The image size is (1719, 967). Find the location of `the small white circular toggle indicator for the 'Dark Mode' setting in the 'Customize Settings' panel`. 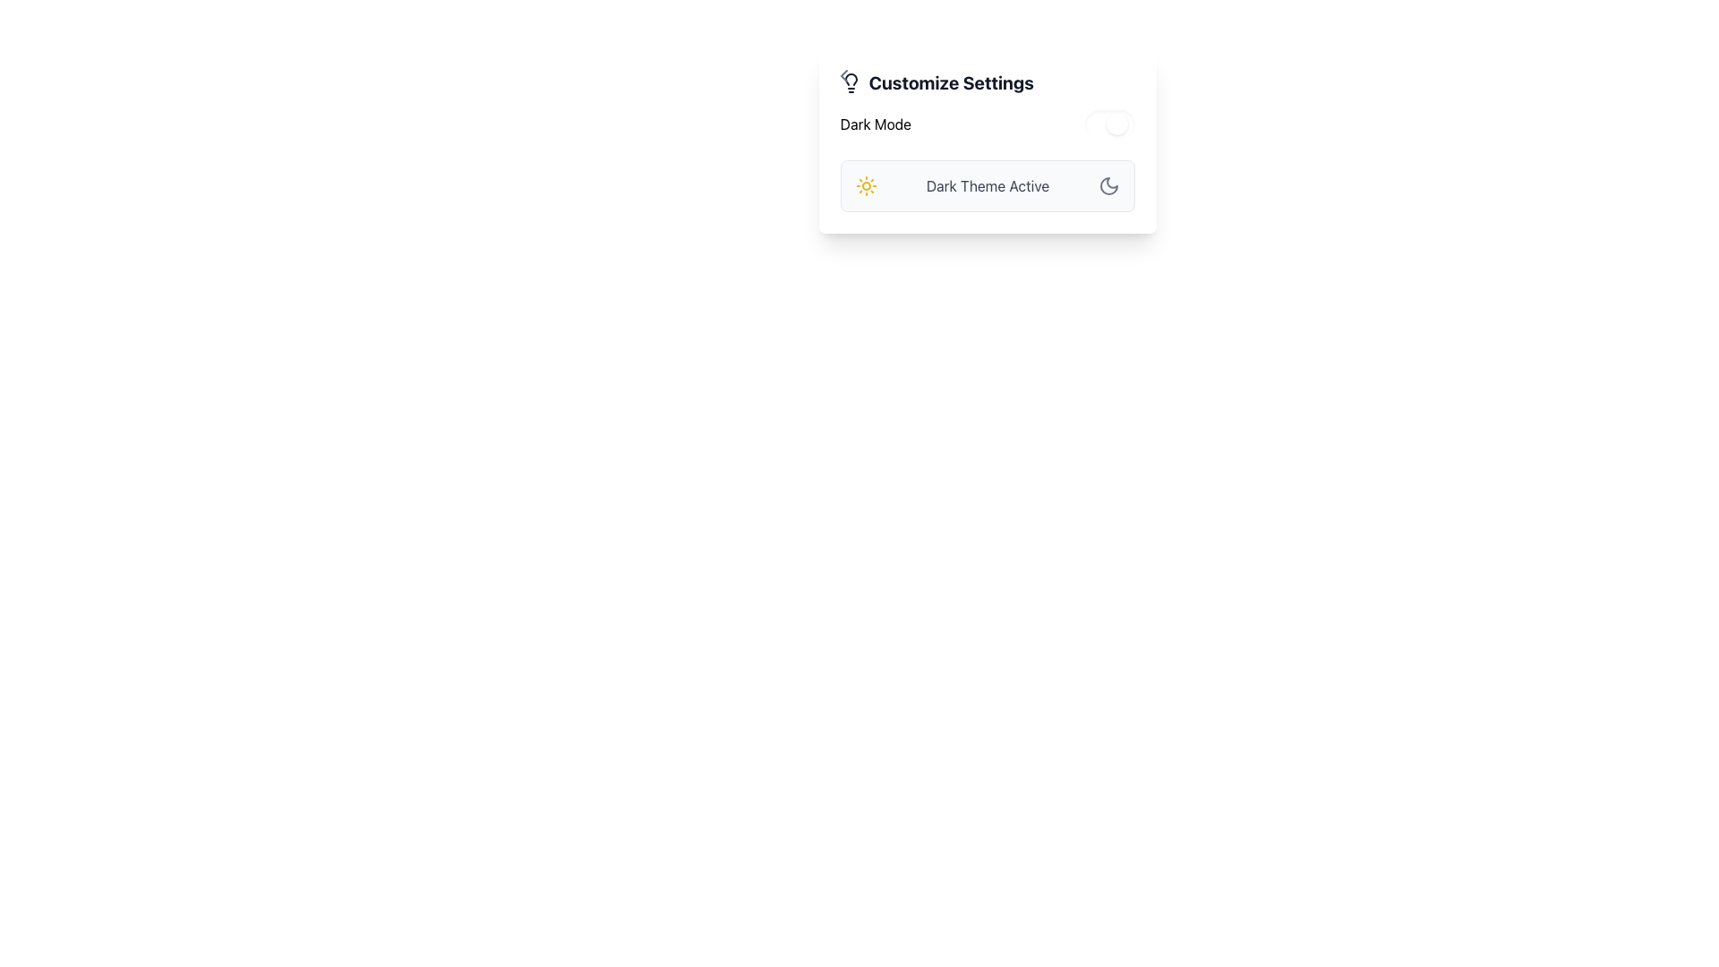

the small white circular toggle indicator for the 'Dark Mode' setting in the 'Customize Settings' panel is located at coordinates (1116, 123).